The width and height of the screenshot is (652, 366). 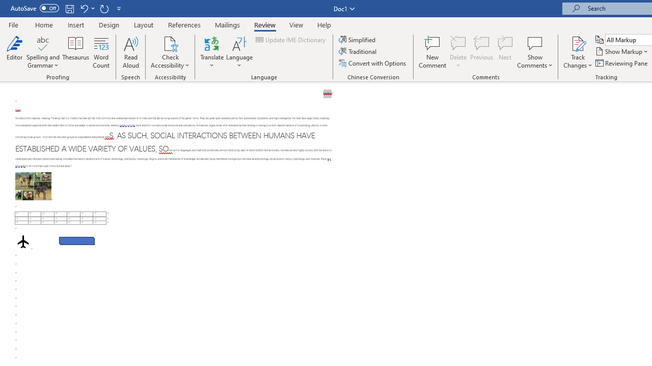 What do you see at coordinates (372, 63) in the screenshot?
I see `'Convert with Options...'` at bounding box center [372, 63].